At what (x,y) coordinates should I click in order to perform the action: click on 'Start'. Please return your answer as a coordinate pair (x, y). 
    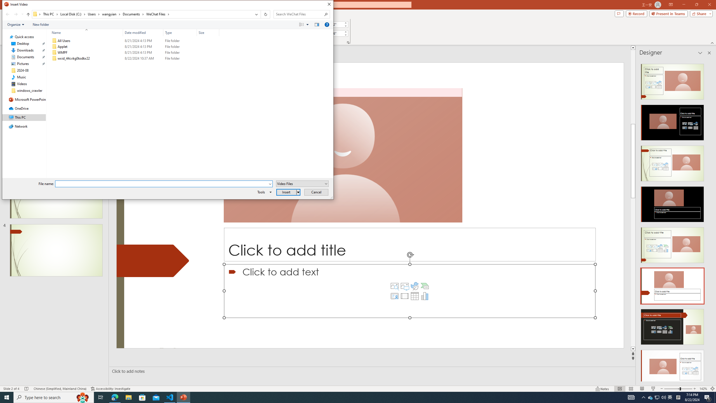
    Looking at the image, I should click on (7, 397).